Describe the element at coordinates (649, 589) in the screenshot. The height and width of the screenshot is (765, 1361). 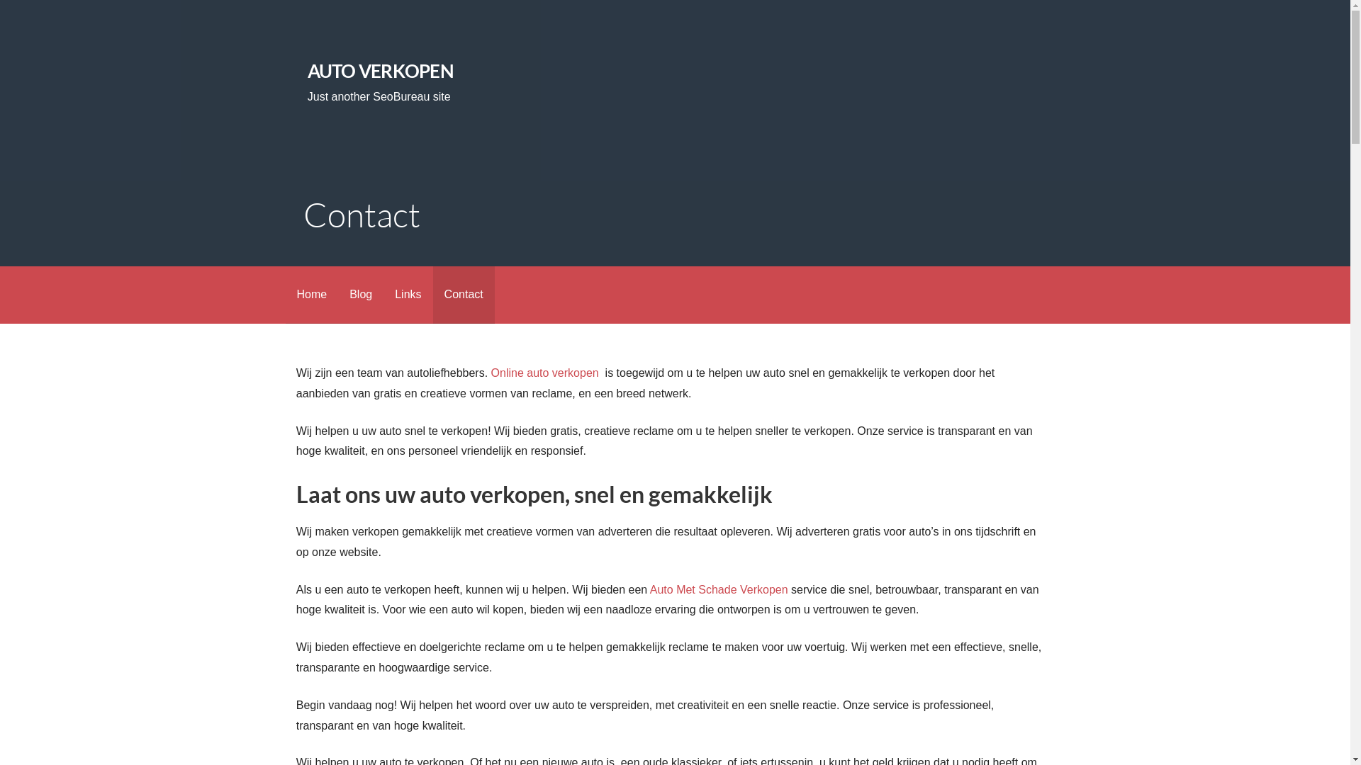
I see `'Auto Met Schade Verkopen'` at that location.